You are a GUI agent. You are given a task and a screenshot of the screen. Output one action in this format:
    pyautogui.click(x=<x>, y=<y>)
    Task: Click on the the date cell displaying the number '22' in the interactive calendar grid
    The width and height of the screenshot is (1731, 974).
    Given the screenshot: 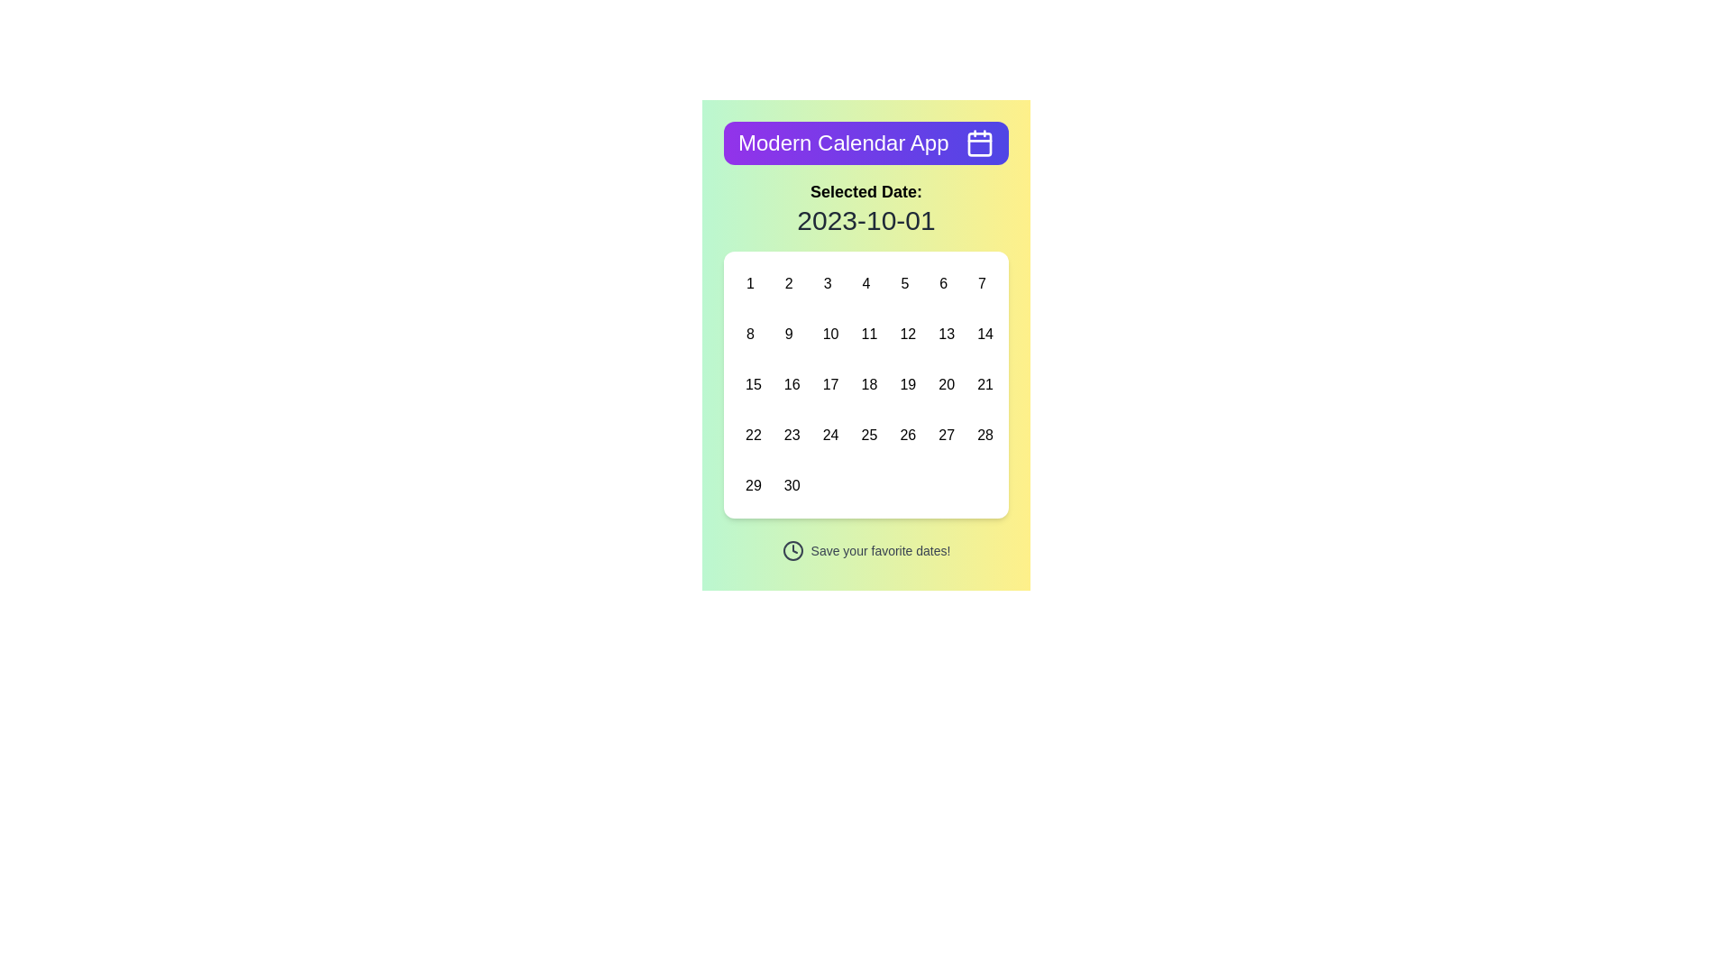 What is the action you would take?
    pyautogui.click(x=750, y=435)
    